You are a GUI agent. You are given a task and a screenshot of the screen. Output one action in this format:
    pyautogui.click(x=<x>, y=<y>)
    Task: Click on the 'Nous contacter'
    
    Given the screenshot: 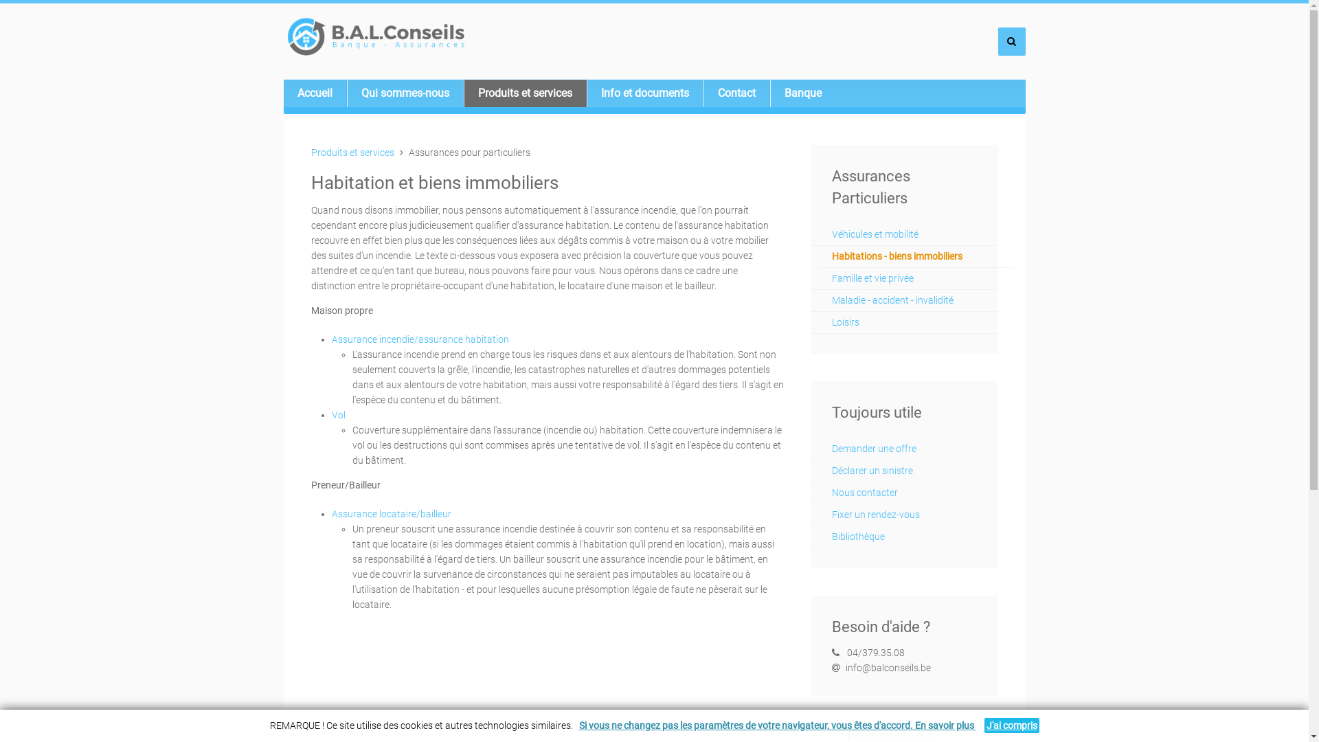 What is the action you would take?
    pyautogui.click(x=903, y=492)
    